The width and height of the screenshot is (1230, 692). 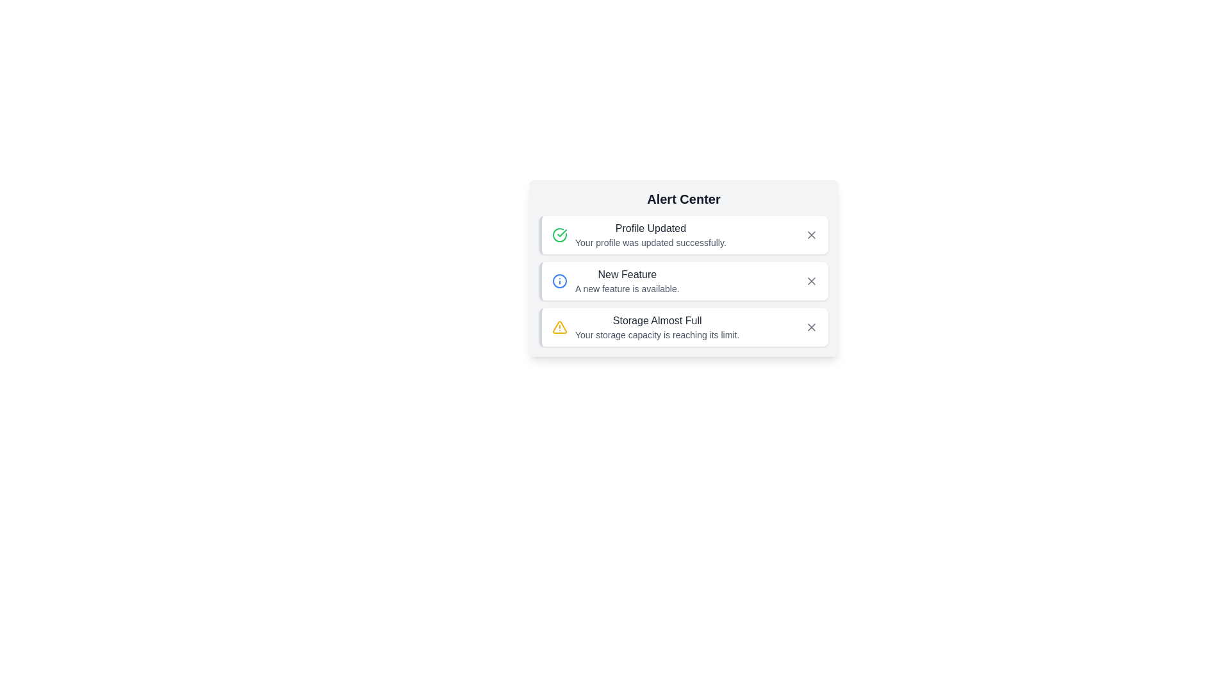 I want to click on the text label that states 'Your storage capacity is reaching its limit.' which is located below the title 'Storage Almost Full.', so click(x=657, y=334).